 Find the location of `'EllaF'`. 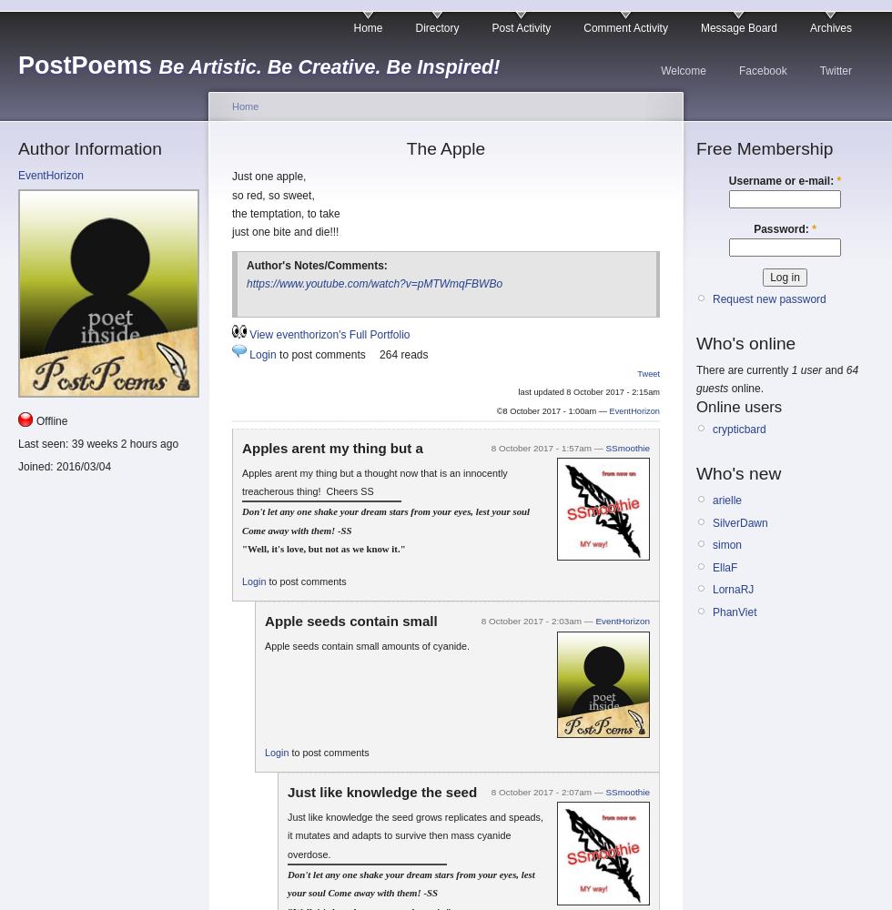

'EllaF' is located at coordinates (725, 566).